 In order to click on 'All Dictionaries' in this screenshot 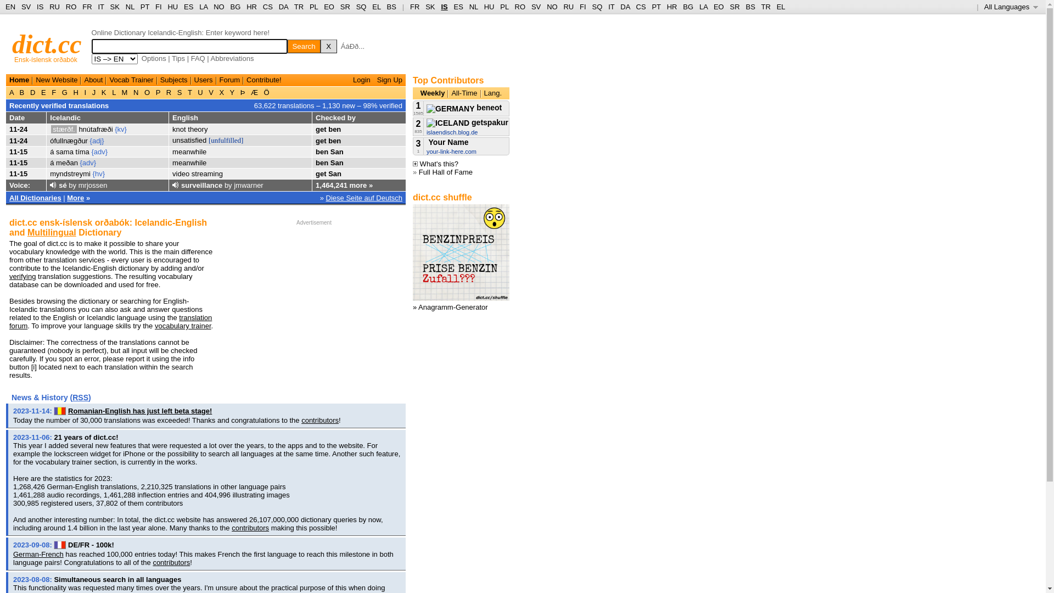, I will do `click(35, 197)`.